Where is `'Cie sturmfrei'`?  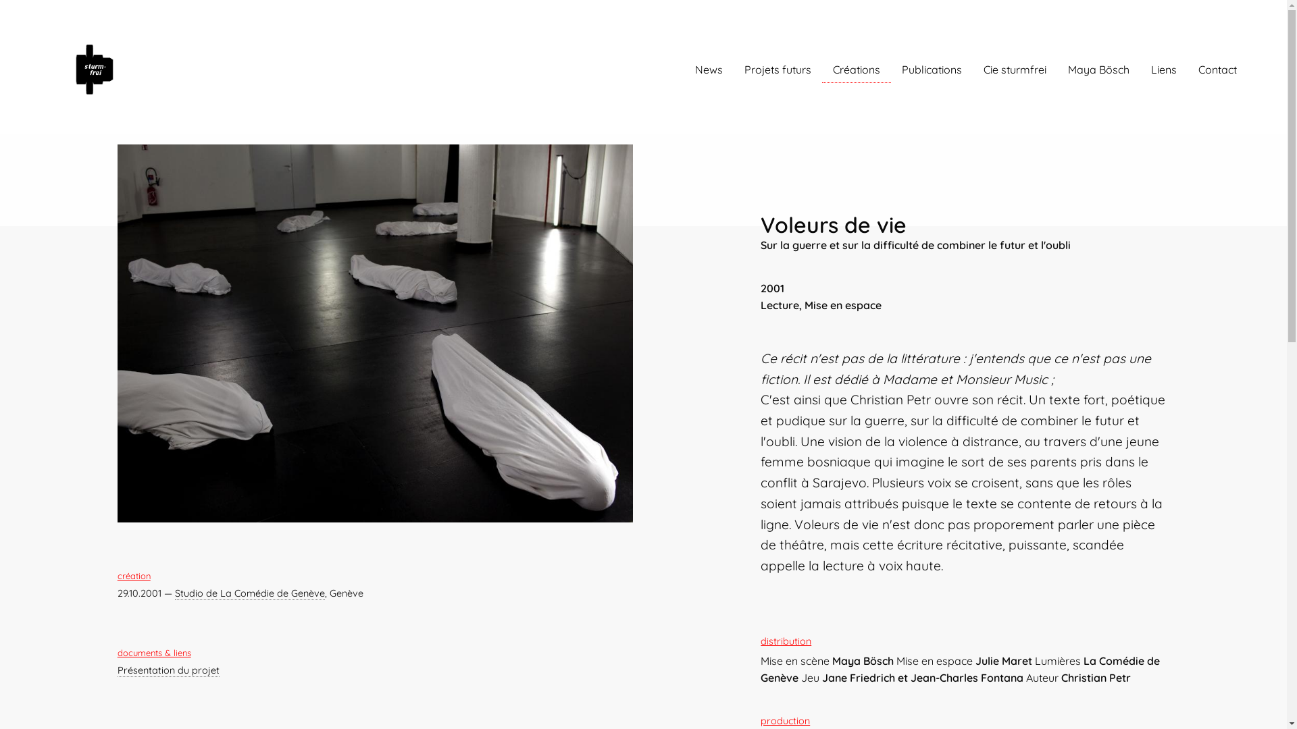
'Cie sturmfrei' is located at coordinates (1015, 70).